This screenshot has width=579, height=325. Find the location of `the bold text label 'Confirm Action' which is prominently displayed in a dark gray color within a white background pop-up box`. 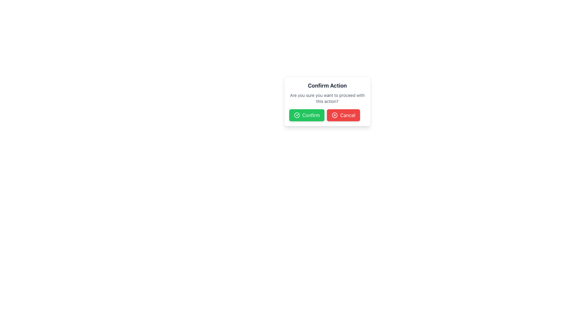

the bold text label 'Confirm Action' which is prominently displayed in a dark gray color within a white background pop-up box is located at coordinates (327, 86).